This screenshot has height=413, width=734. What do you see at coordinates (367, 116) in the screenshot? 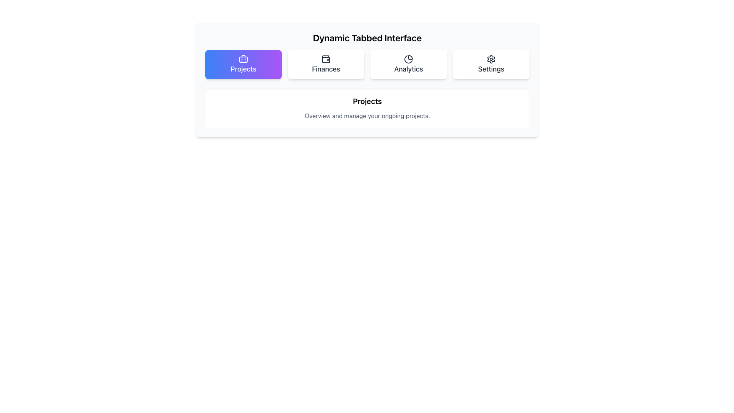
I see `the descriptive text component that displays the phrase 'Overview and manage your ongoing projects.' which is styled in gray and positioned below the 'Projects' header` at bounding box center [367, 116].